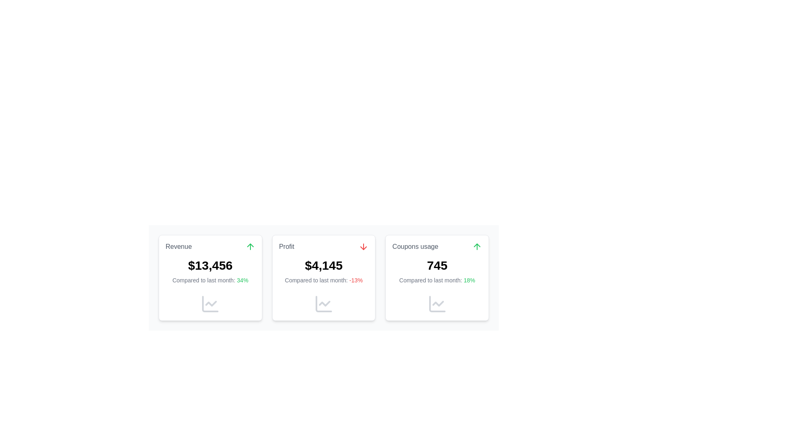 The width and height of the screenshot is (787, 442). What do you see at coordinates (437, 304) in the screenshot?
I see `the SVG icon resembling a line chart located at the bottom-right corner of the 'Coupons usage' card, next to the percentage indicator` at bounding box center [437, 304].